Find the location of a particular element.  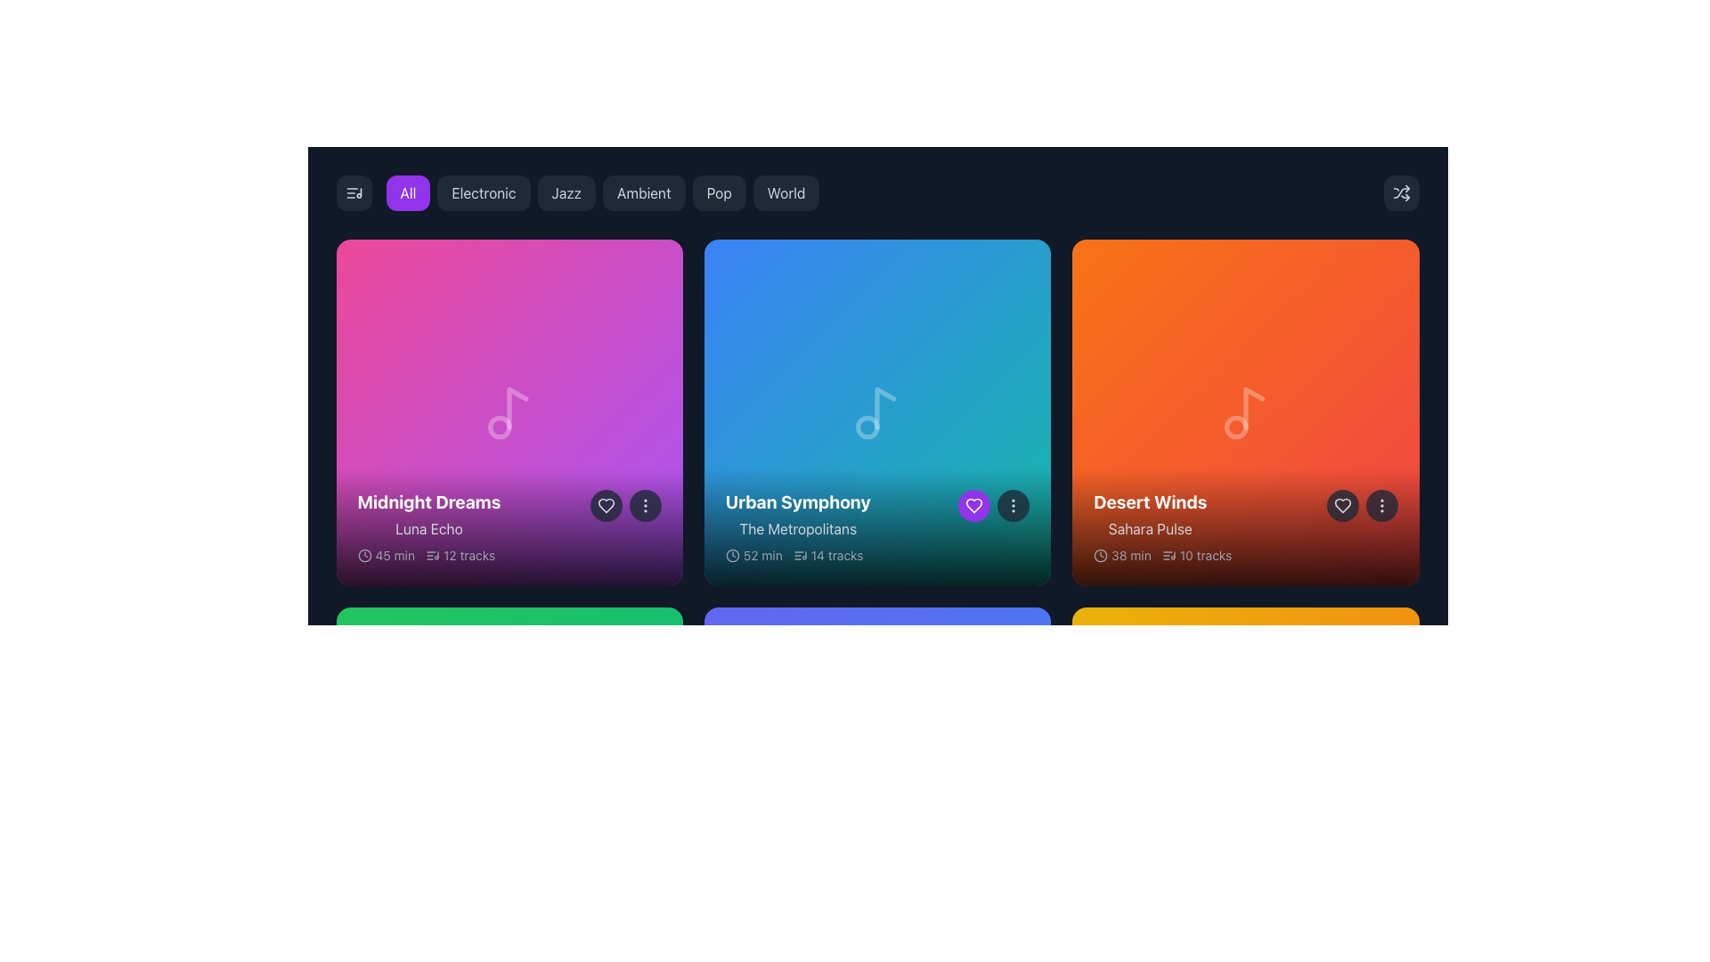

text providing metadata about the album 'Urban Symphony' by 'The Metropolitans', which includes its duration of 52 minutes and number of tracks being 14 is located at coordinates (794, 555).